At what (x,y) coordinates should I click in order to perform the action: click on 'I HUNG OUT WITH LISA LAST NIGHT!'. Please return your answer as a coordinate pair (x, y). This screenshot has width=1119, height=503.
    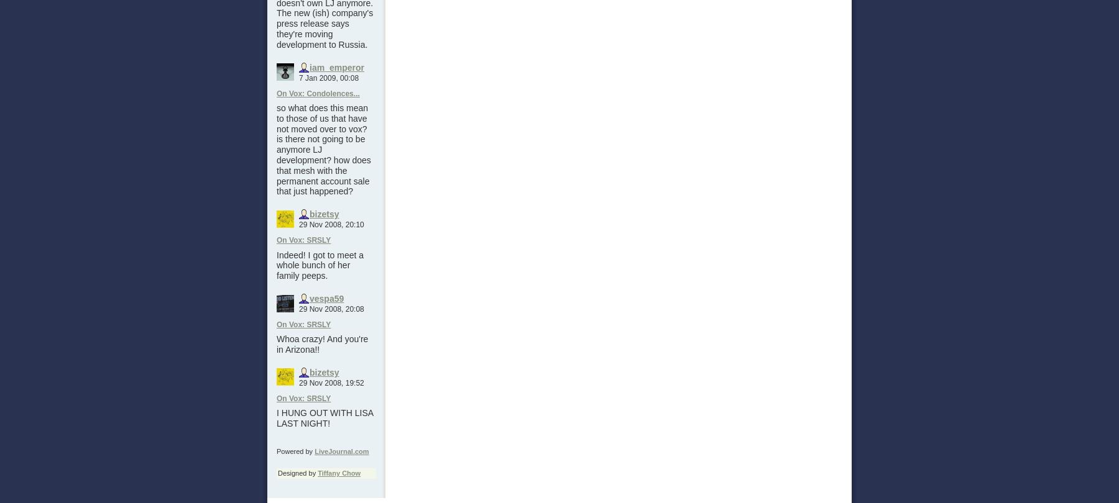
    Looking at the image, I should click on (324, 417).